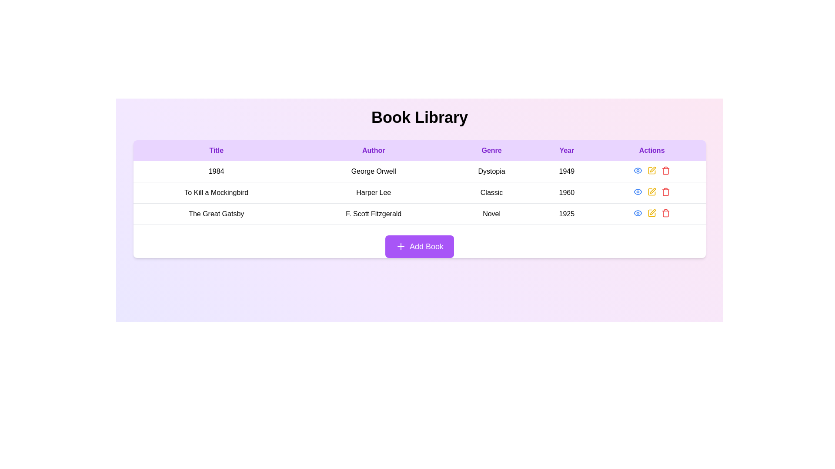  Describe the element at coordinates (567, 150) in the screenshot. I see `the text label displaying 'Year' in bold purple font on a lavender background, which is the fourth header in a table row` at that location.